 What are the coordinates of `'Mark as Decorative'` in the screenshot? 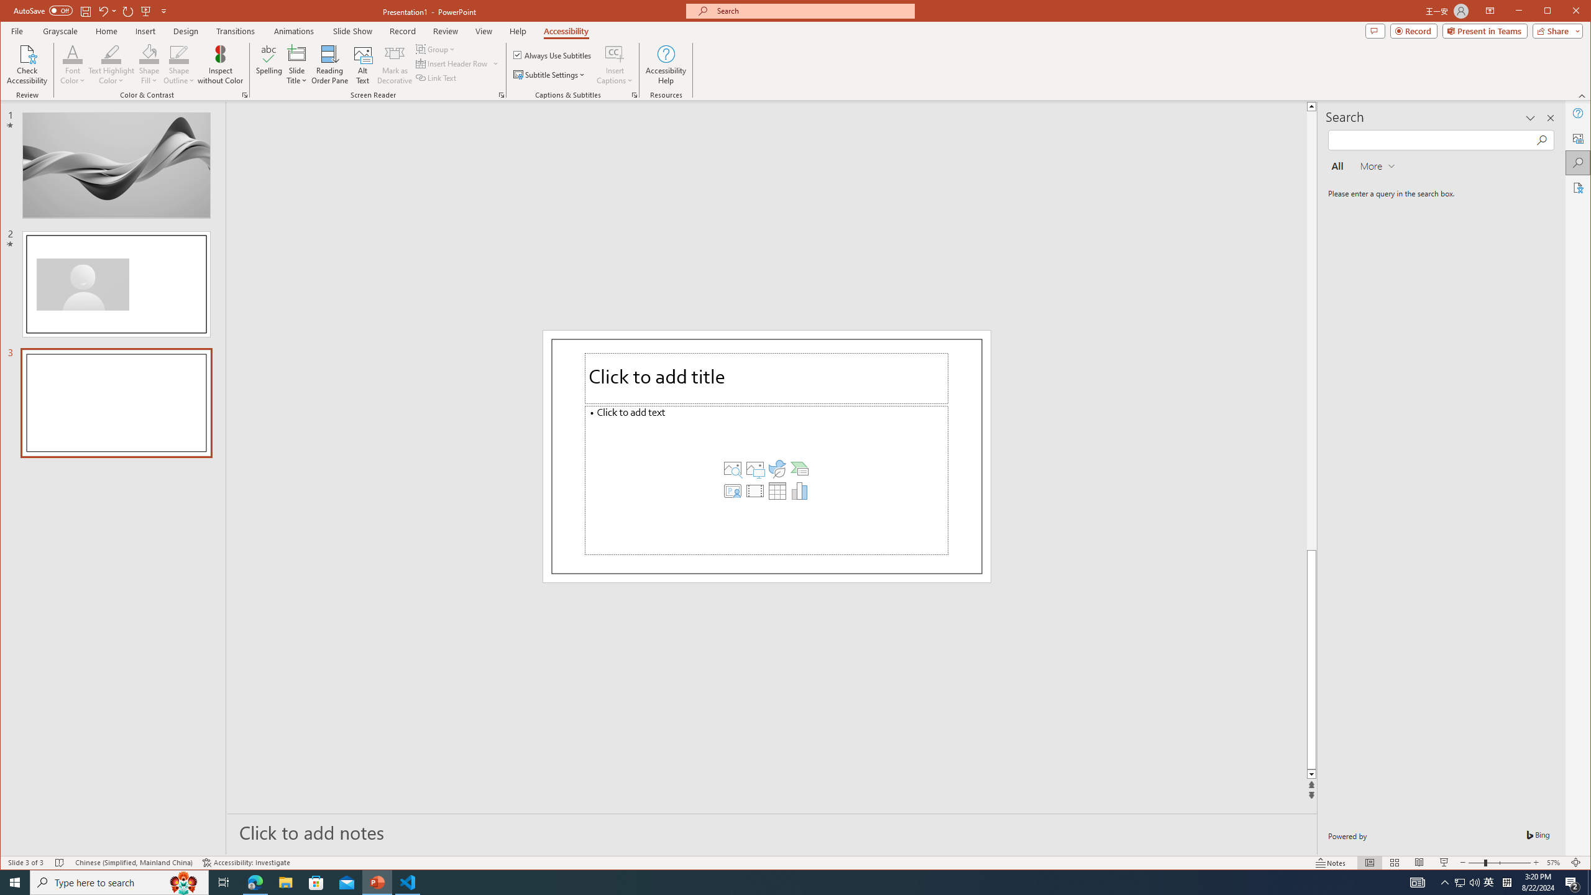 It's located at (393, 64).